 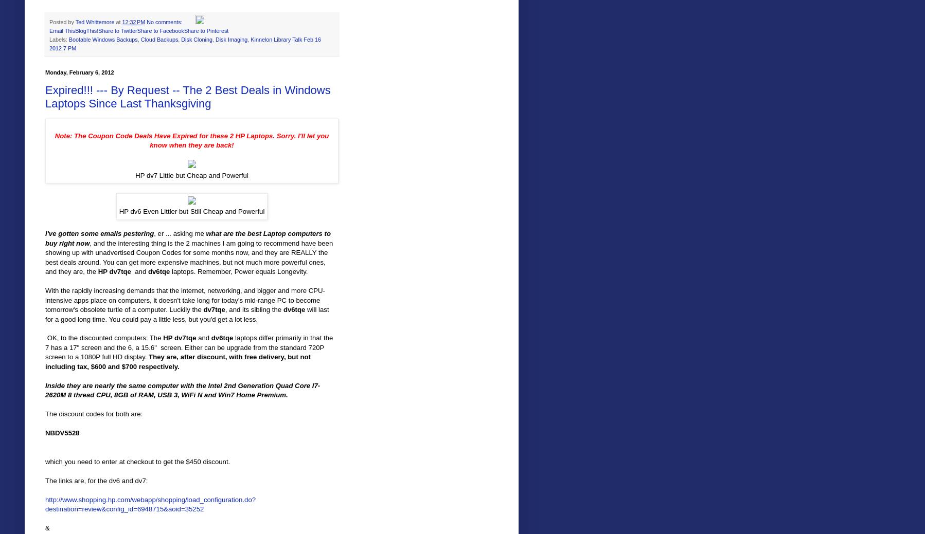 What do you see at coordinates (44, 413) in the screenshot?
I see `'The discount codes for both are:'` at bounding box center [44, 413].